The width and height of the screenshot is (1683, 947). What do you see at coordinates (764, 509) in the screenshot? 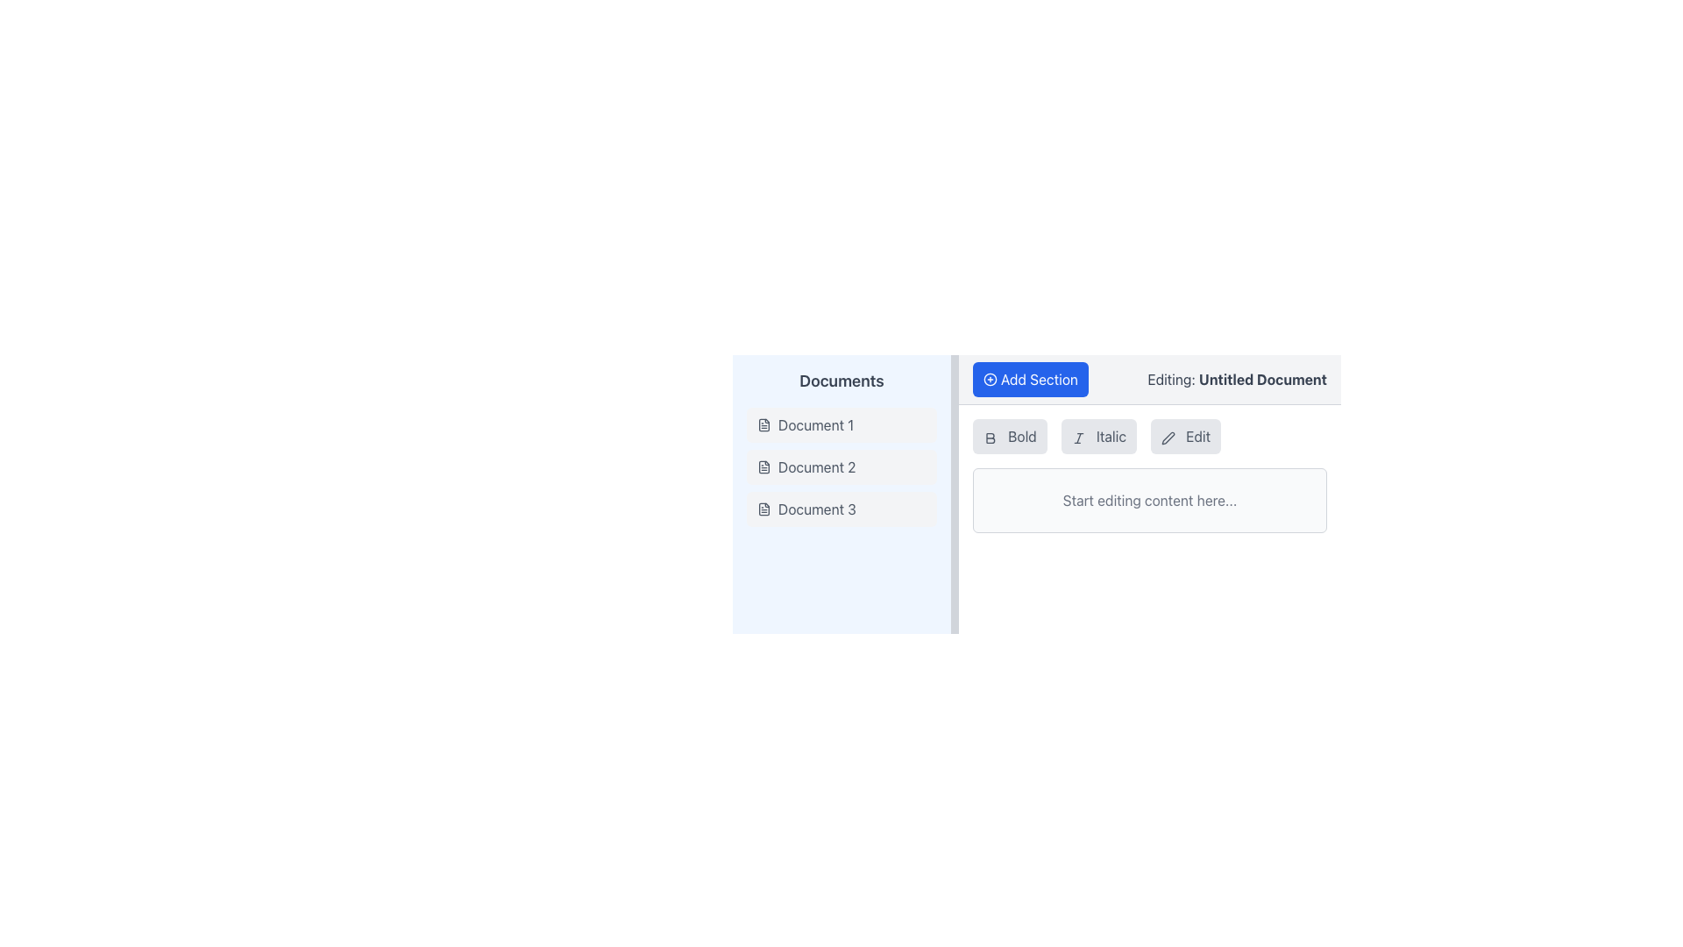
I see `the document icon outline for 'Document 3' in the sidebar` at bounding box center [764, 509].